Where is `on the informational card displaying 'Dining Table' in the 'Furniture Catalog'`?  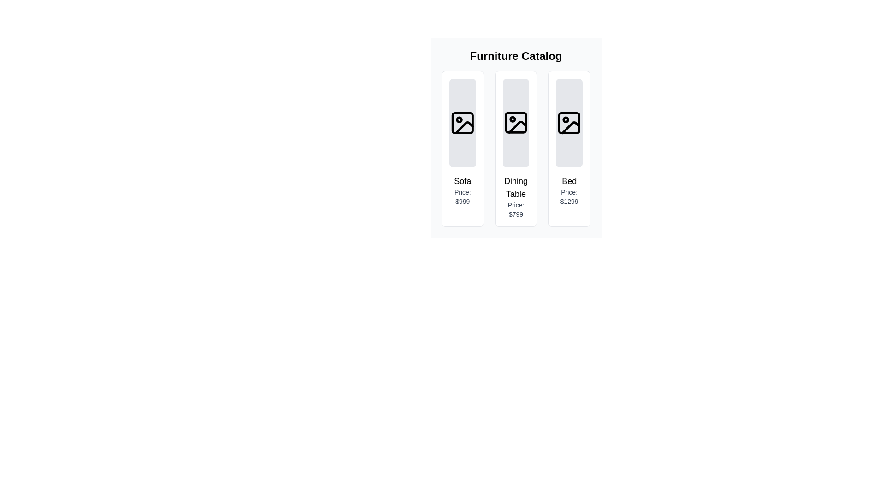 on the informational card displaying 'Dining Table' in the 'Furniture Catalog' is located at coordinates (515, 138).